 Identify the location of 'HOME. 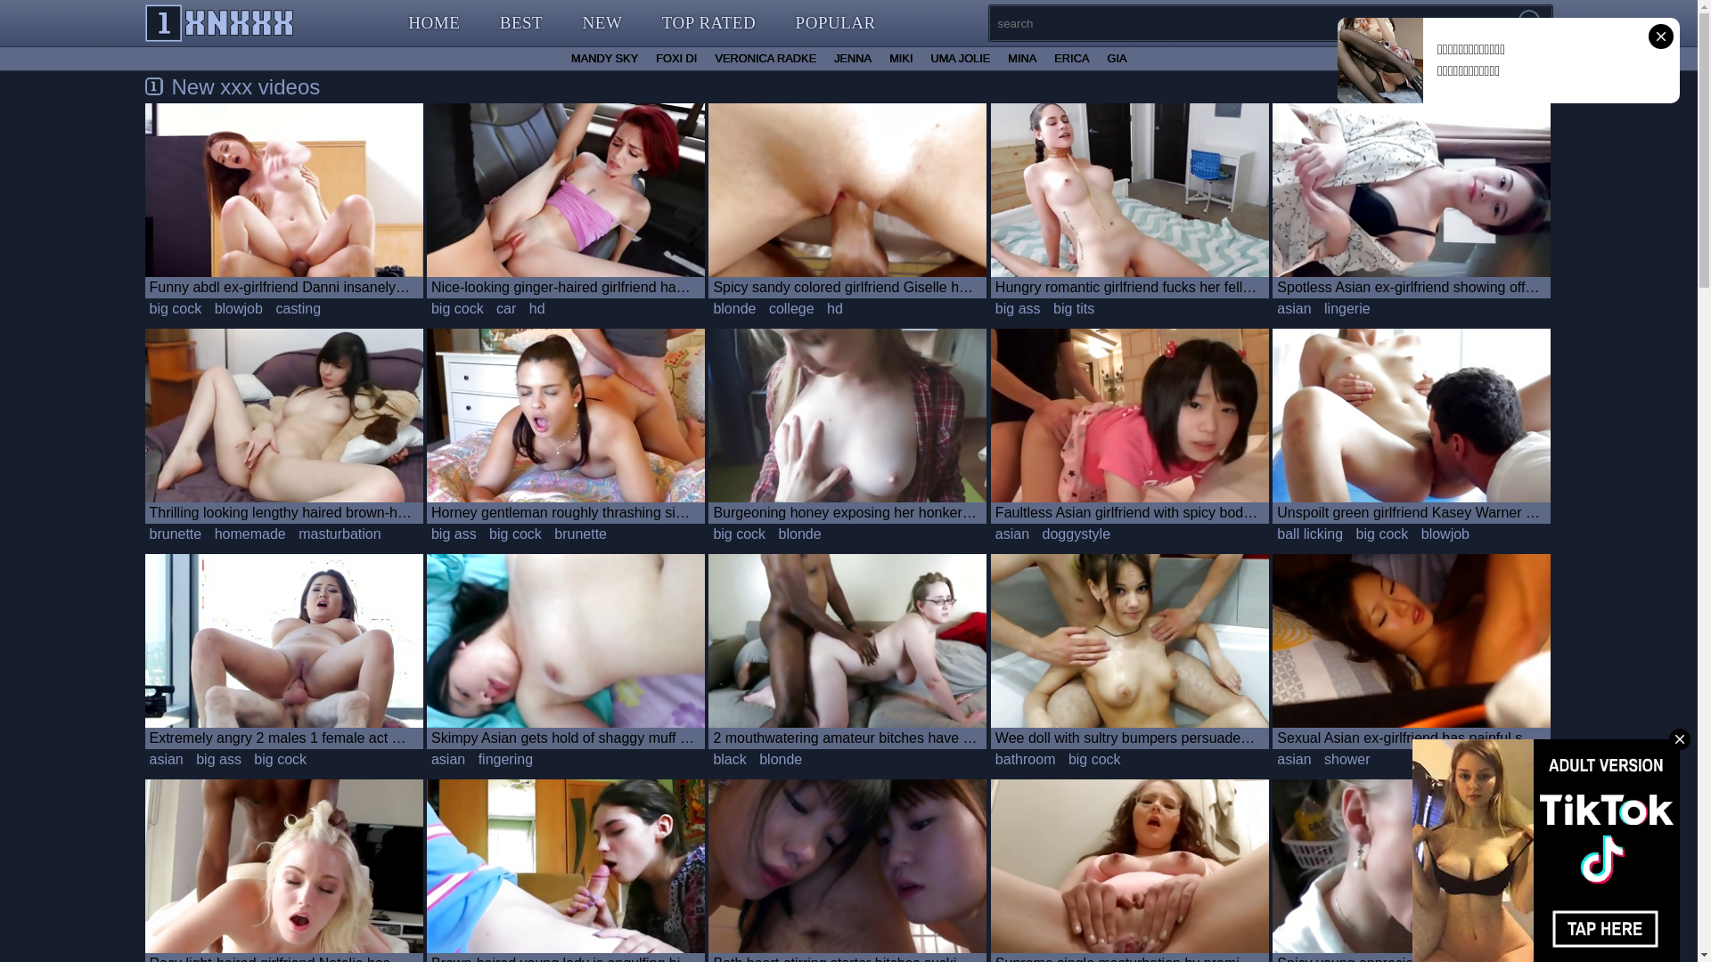
(642, 22).